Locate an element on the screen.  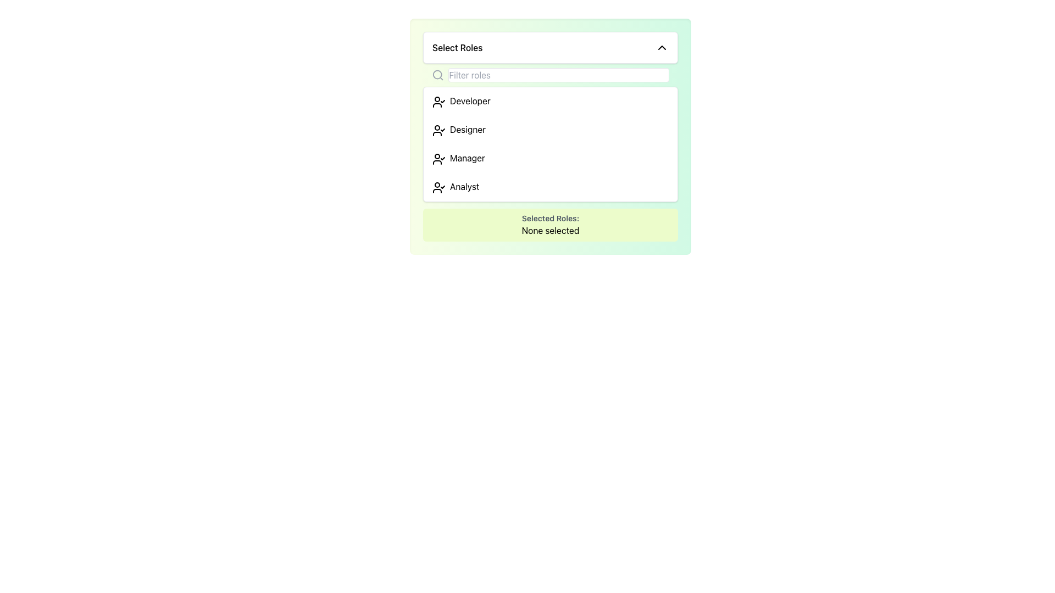
the decorative icon representing the 'Developer' role in the dropdown menu, which is the first entry in the list is located at coordinates (438, 102).